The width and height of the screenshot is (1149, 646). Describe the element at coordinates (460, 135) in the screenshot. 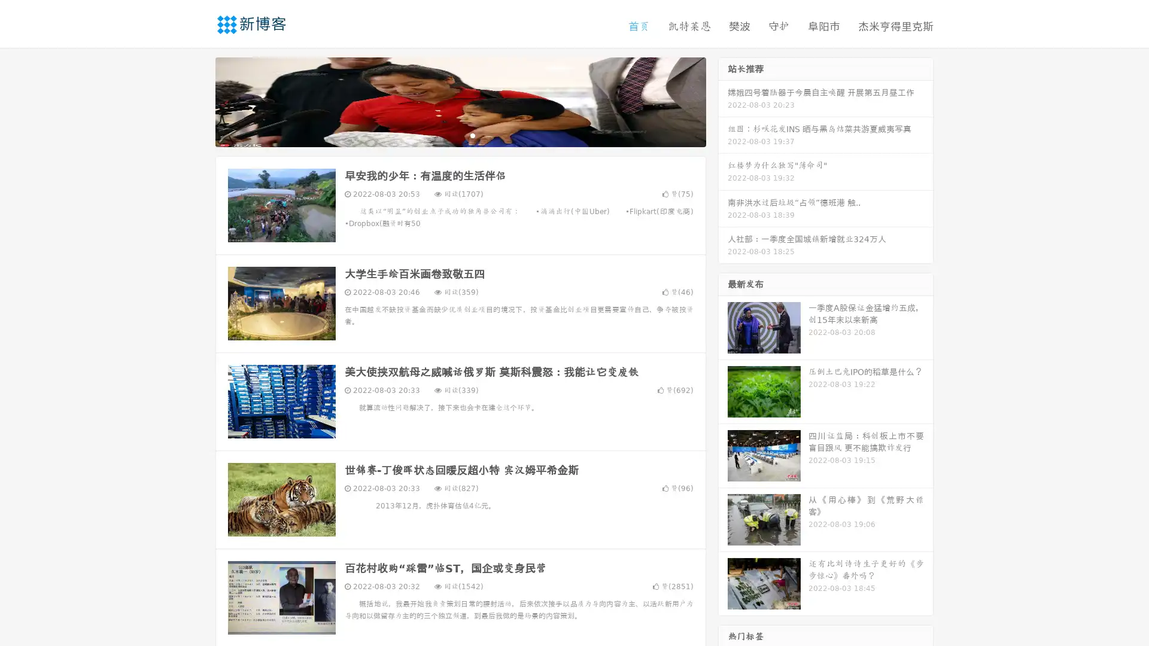

I see `Go to slide 2` at that location.